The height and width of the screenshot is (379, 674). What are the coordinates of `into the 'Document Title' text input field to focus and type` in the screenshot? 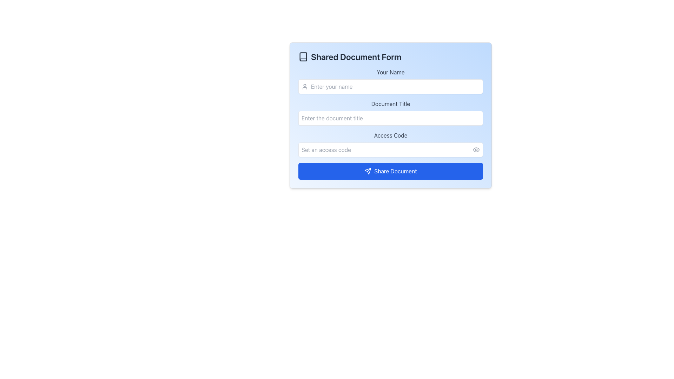 It's located at (390, 112).